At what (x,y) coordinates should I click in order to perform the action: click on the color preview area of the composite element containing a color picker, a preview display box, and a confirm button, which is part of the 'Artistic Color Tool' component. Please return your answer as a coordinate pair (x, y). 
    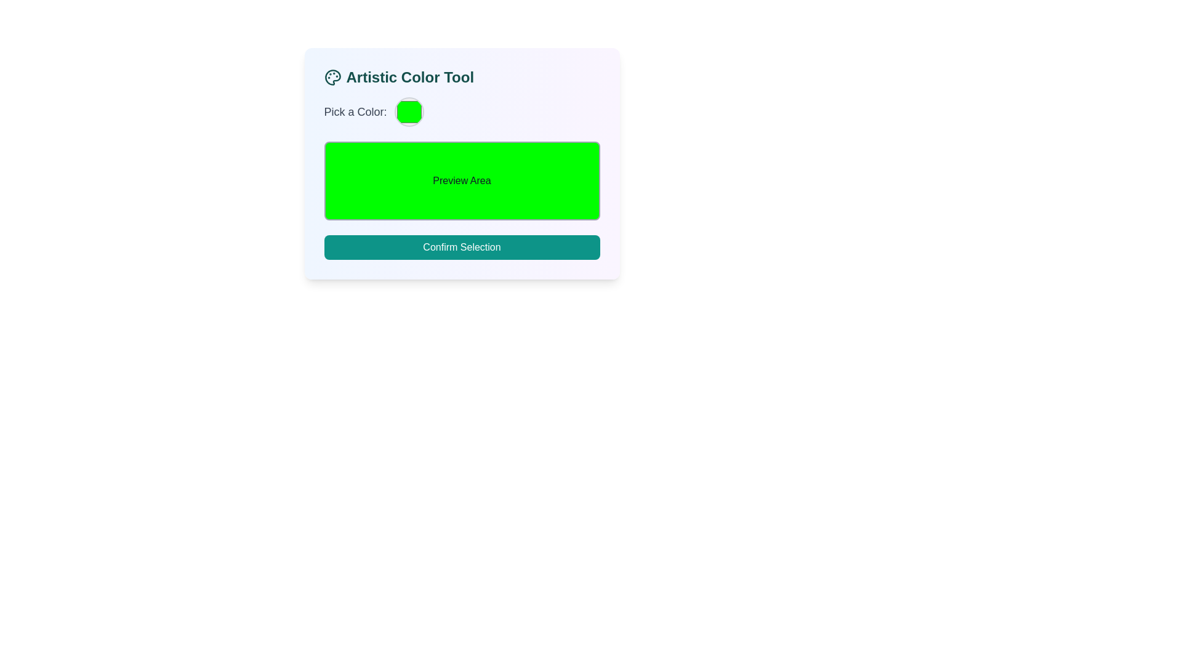
    Looking at the image, I should click on (461, 178).